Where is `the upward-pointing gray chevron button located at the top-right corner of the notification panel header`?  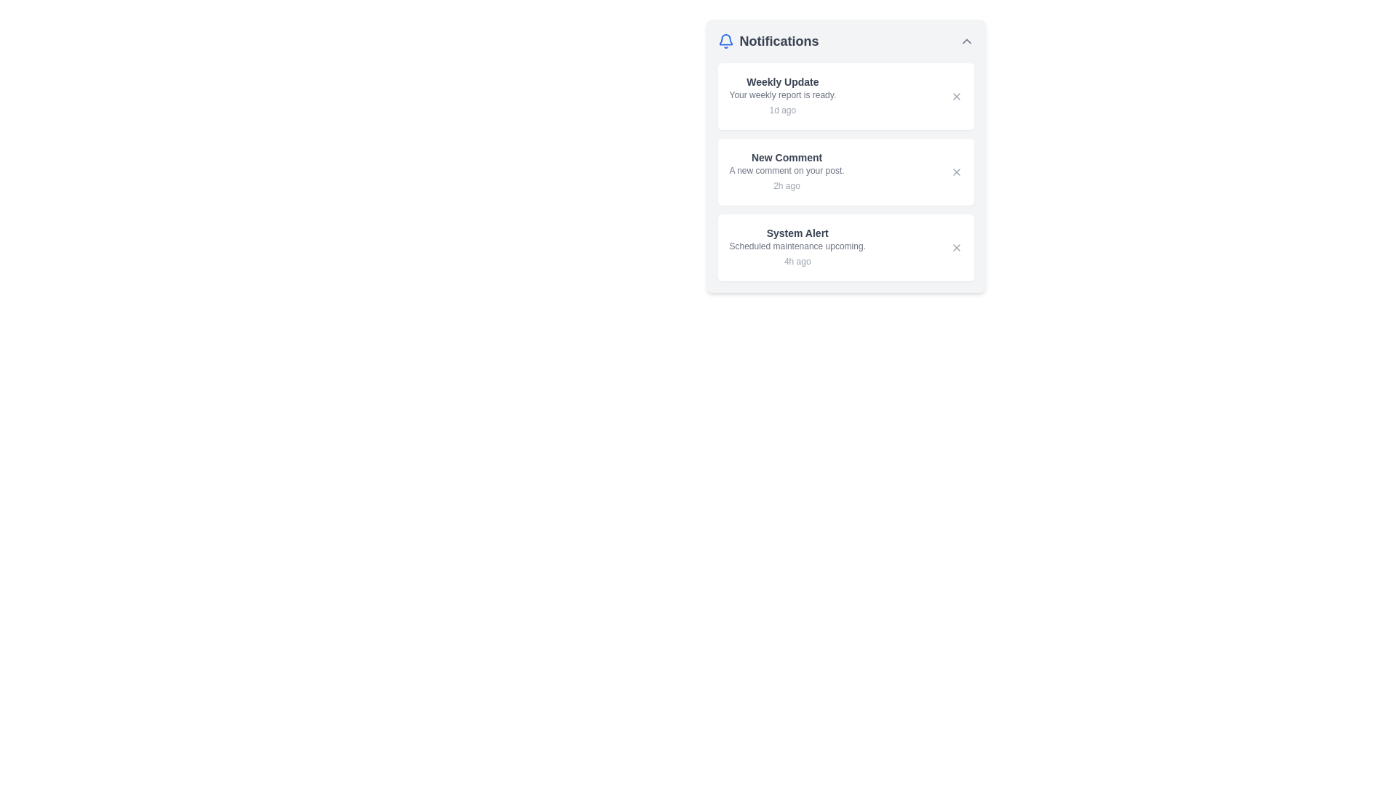 the upward-pointing gray chevron button located at the top-right corner of the notification panel header is located at coordinates (966, 41).